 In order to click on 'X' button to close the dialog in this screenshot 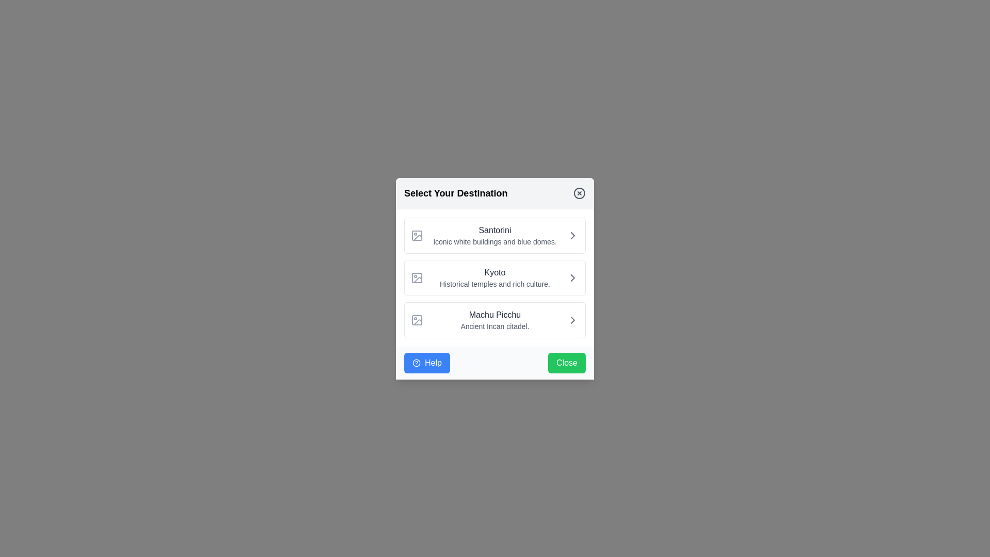, I will do `click(579, 193)`.